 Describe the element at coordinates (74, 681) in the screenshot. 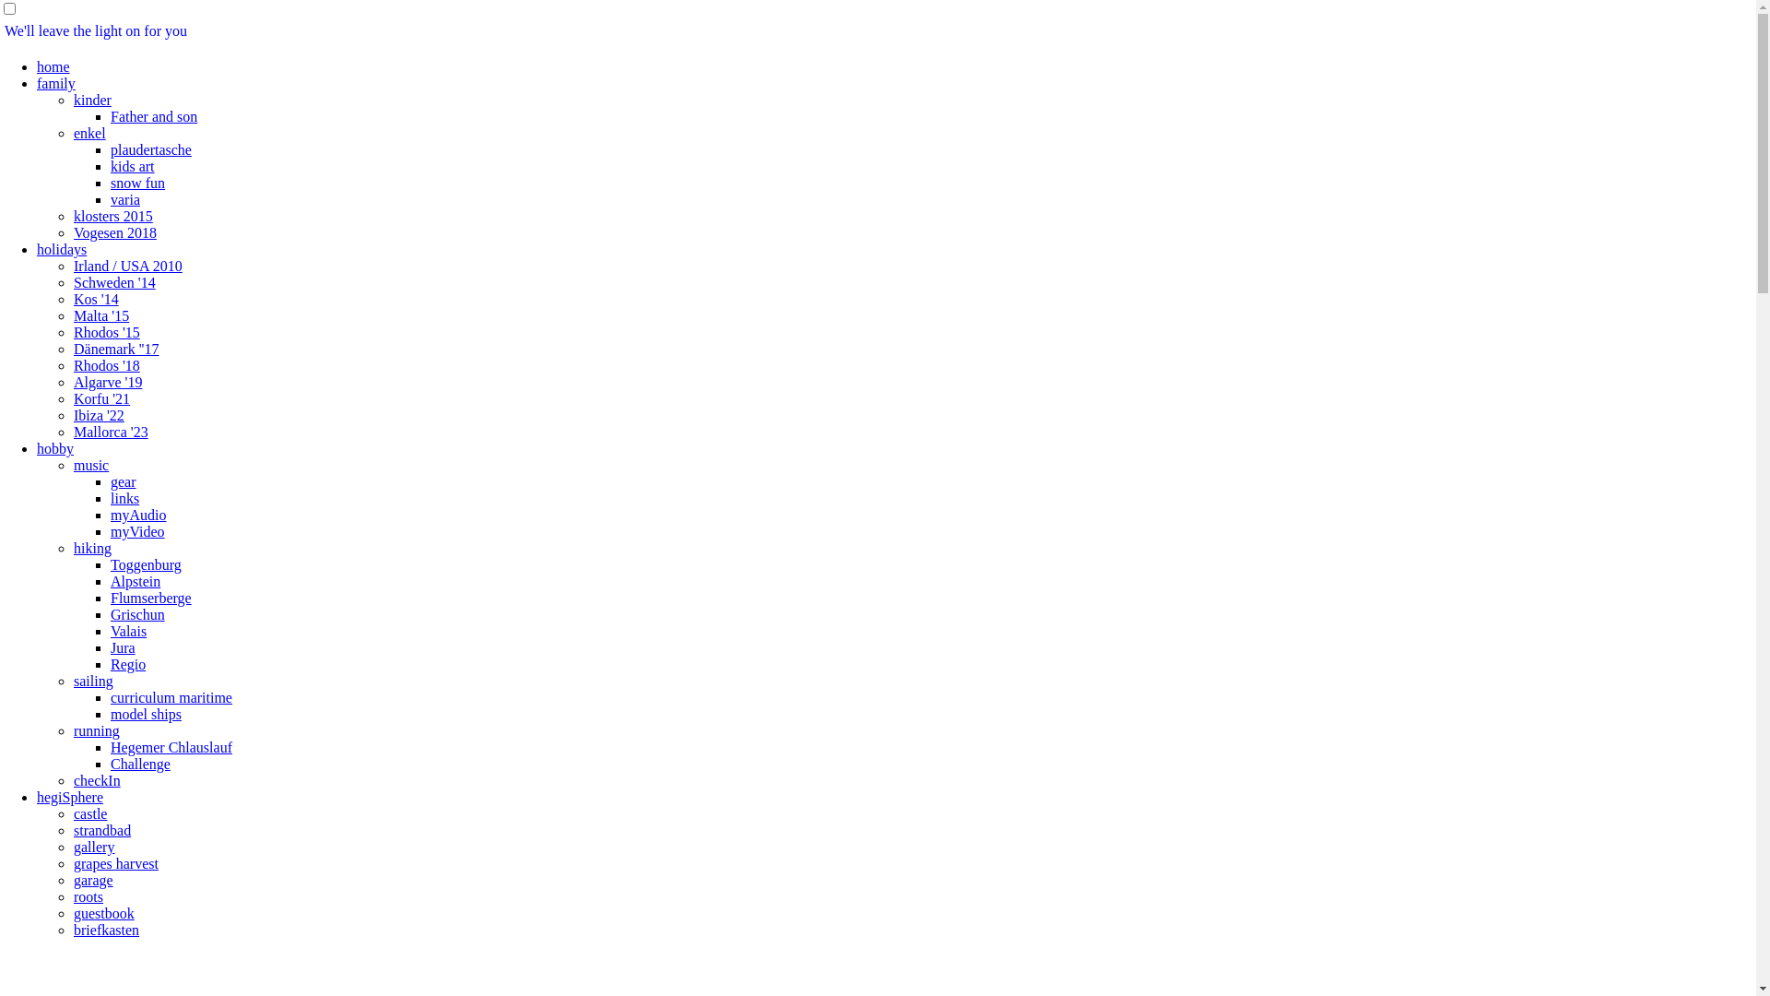

I see `'sailing'` at that location.